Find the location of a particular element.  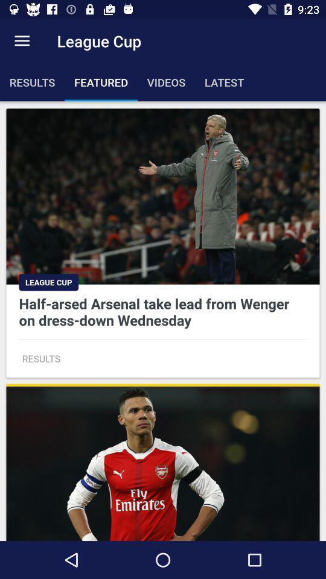

the item to the left of league cup icon is located at coordinates (22, 41).